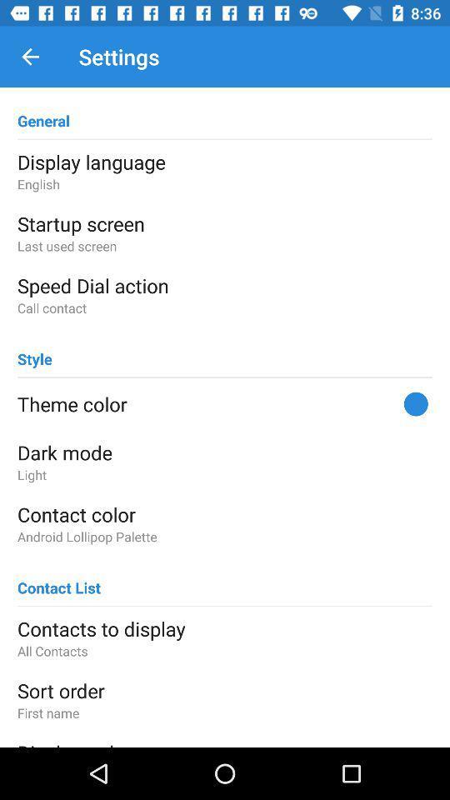 The height and width of the screenshot is (800, 450). Describe the element at coordinates (225, 245) in the screenshot. I see `the item above speed dial action` at that location.